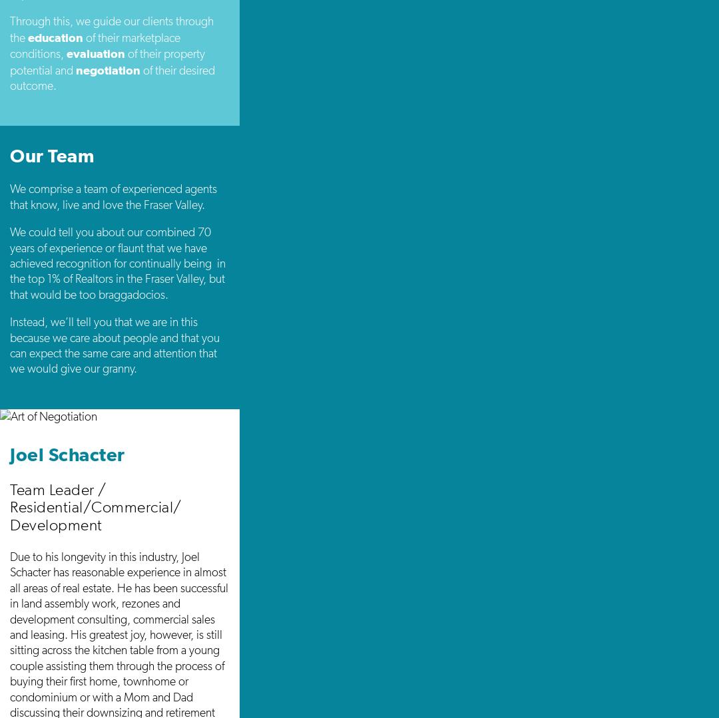  Describe the element at coordinates (113, 196) in the screenshot. I see `'We comprise a team of experienced agents that know, live and love the Fraser Valley.'` at that location.